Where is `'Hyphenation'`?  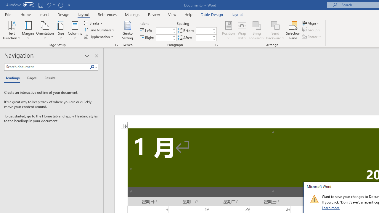
'Hyphenation' is located at coordinates (99, 37).